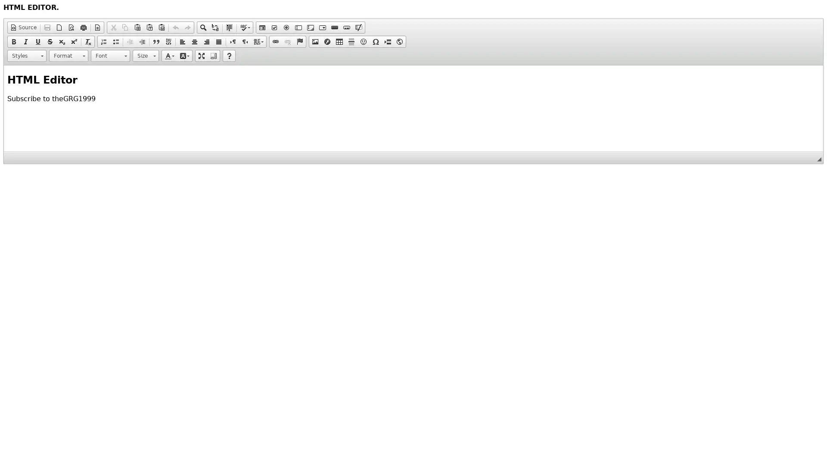 The width and height of the screenshot is (827, 465). I want to click on Button, so click(334, 27).